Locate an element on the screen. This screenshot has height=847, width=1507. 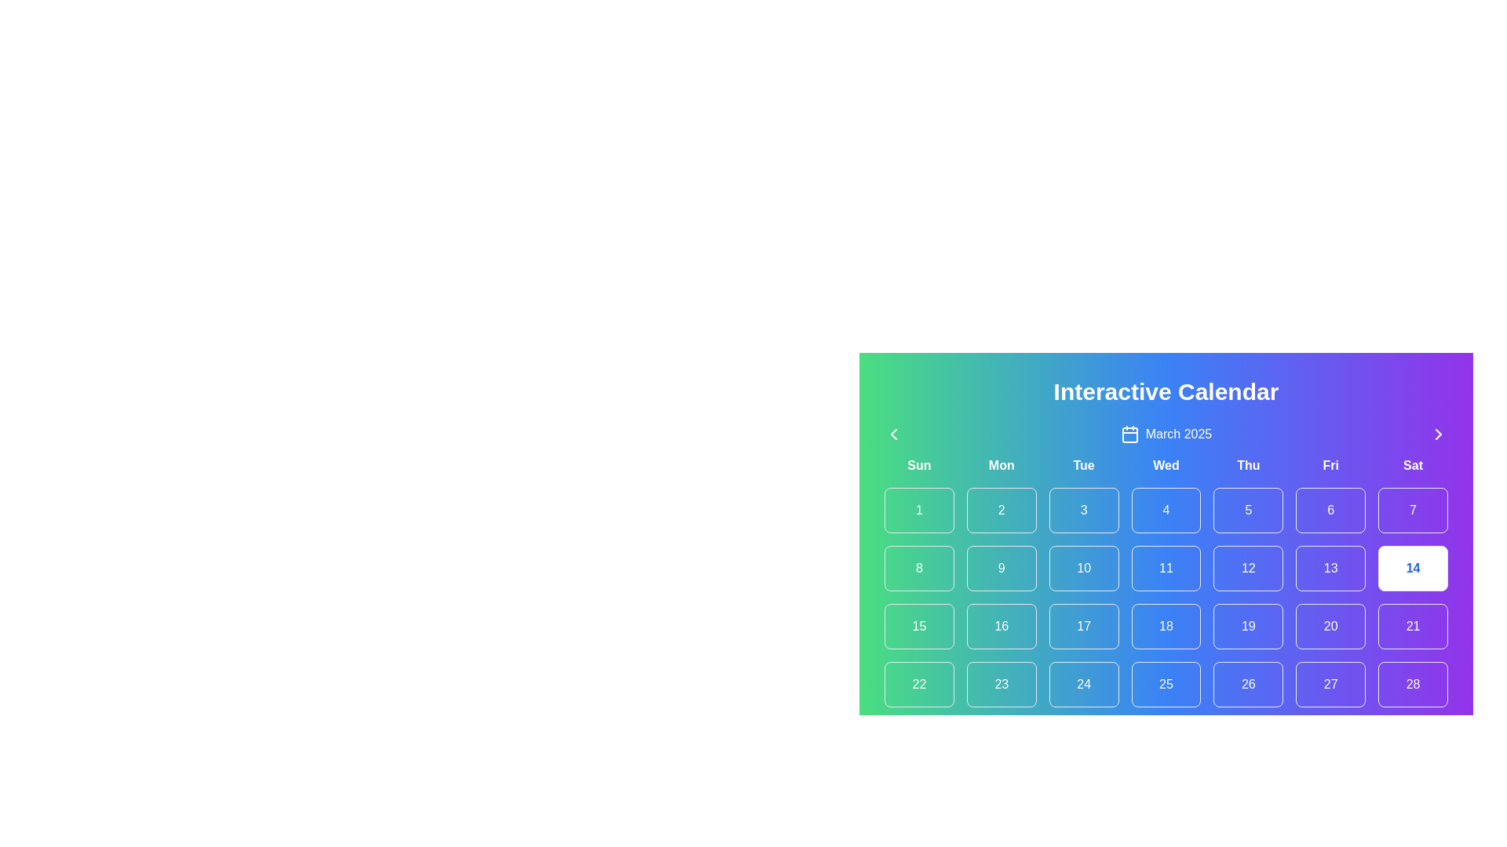
the Calendar Date Tile representing the 8th day, located under the 'Sun' column in the second row of date tiles is located at coordinates (919, 569).